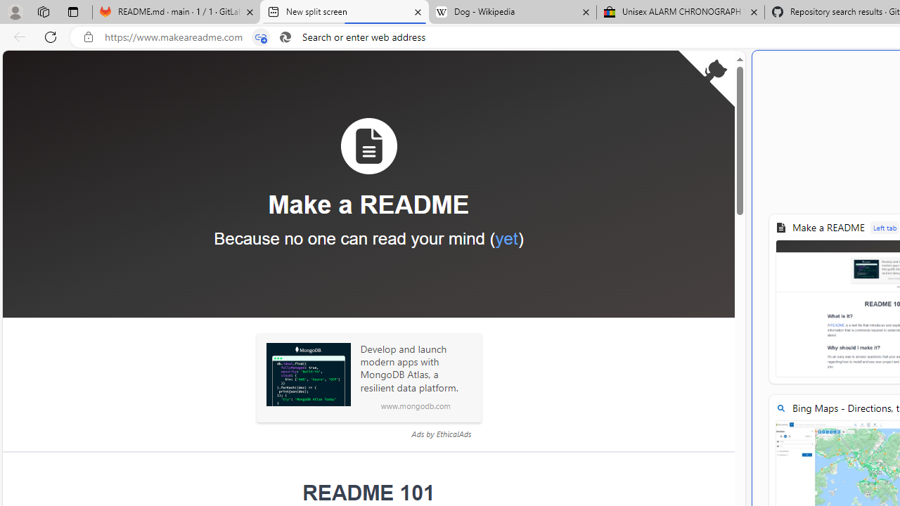  What do you see at coordinates (261, 37) in the screenshot?
I see `'Tabs in split screen'` at bounding box center [261, 37].